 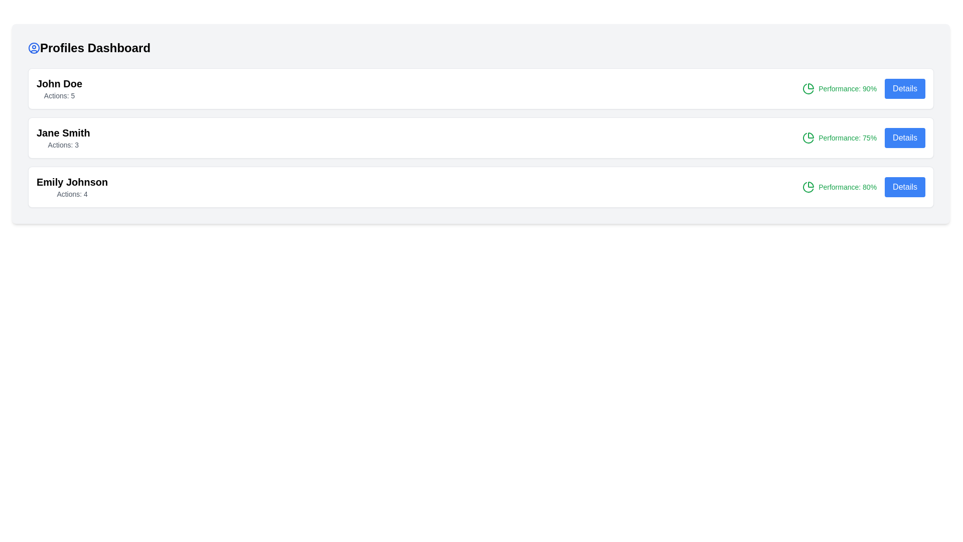 I want to click on the label that displays the number of actions associated with the profile 'Emily Johnson', located in the third profile section, directly below 'Emily Johnson', and aligned to the left, so click(x=72, y=194).